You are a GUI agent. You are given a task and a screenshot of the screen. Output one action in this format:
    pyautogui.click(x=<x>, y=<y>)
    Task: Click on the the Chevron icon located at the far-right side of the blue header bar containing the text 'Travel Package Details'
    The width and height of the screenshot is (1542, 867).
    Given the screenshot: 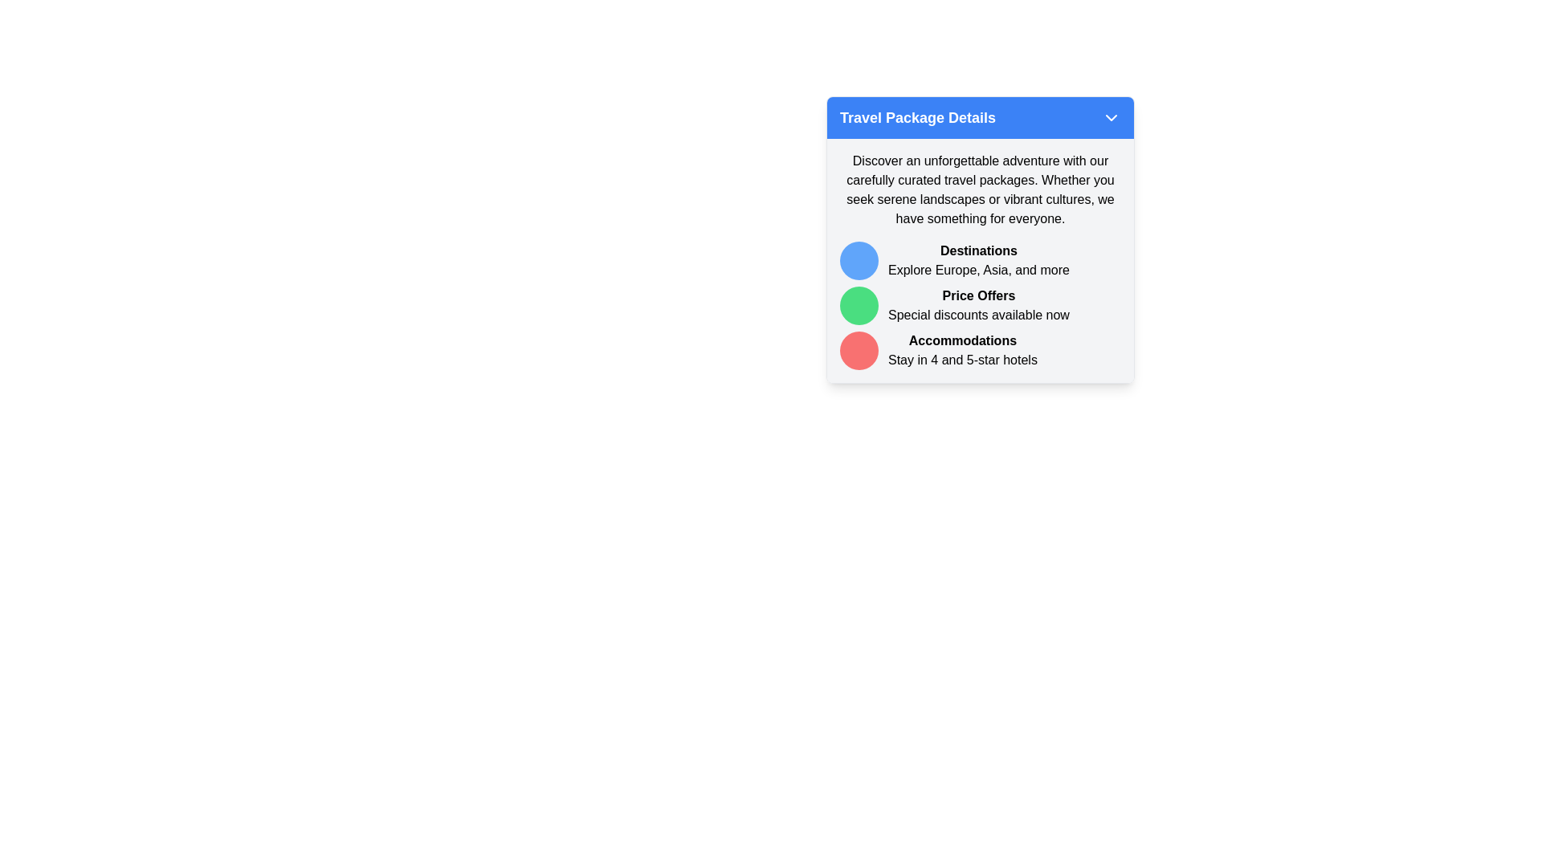 What is the action you would take?
    pyautogui.click(x=1110, y=116)
    